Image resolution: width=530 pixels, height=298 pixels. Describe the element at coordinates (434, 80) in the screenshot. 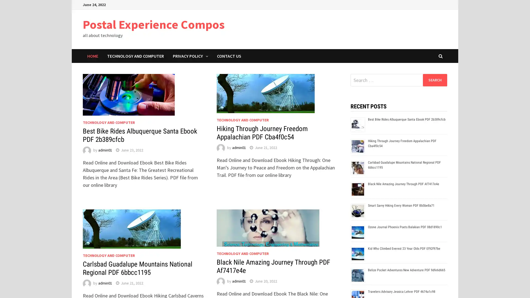

I see `Search` at that location.